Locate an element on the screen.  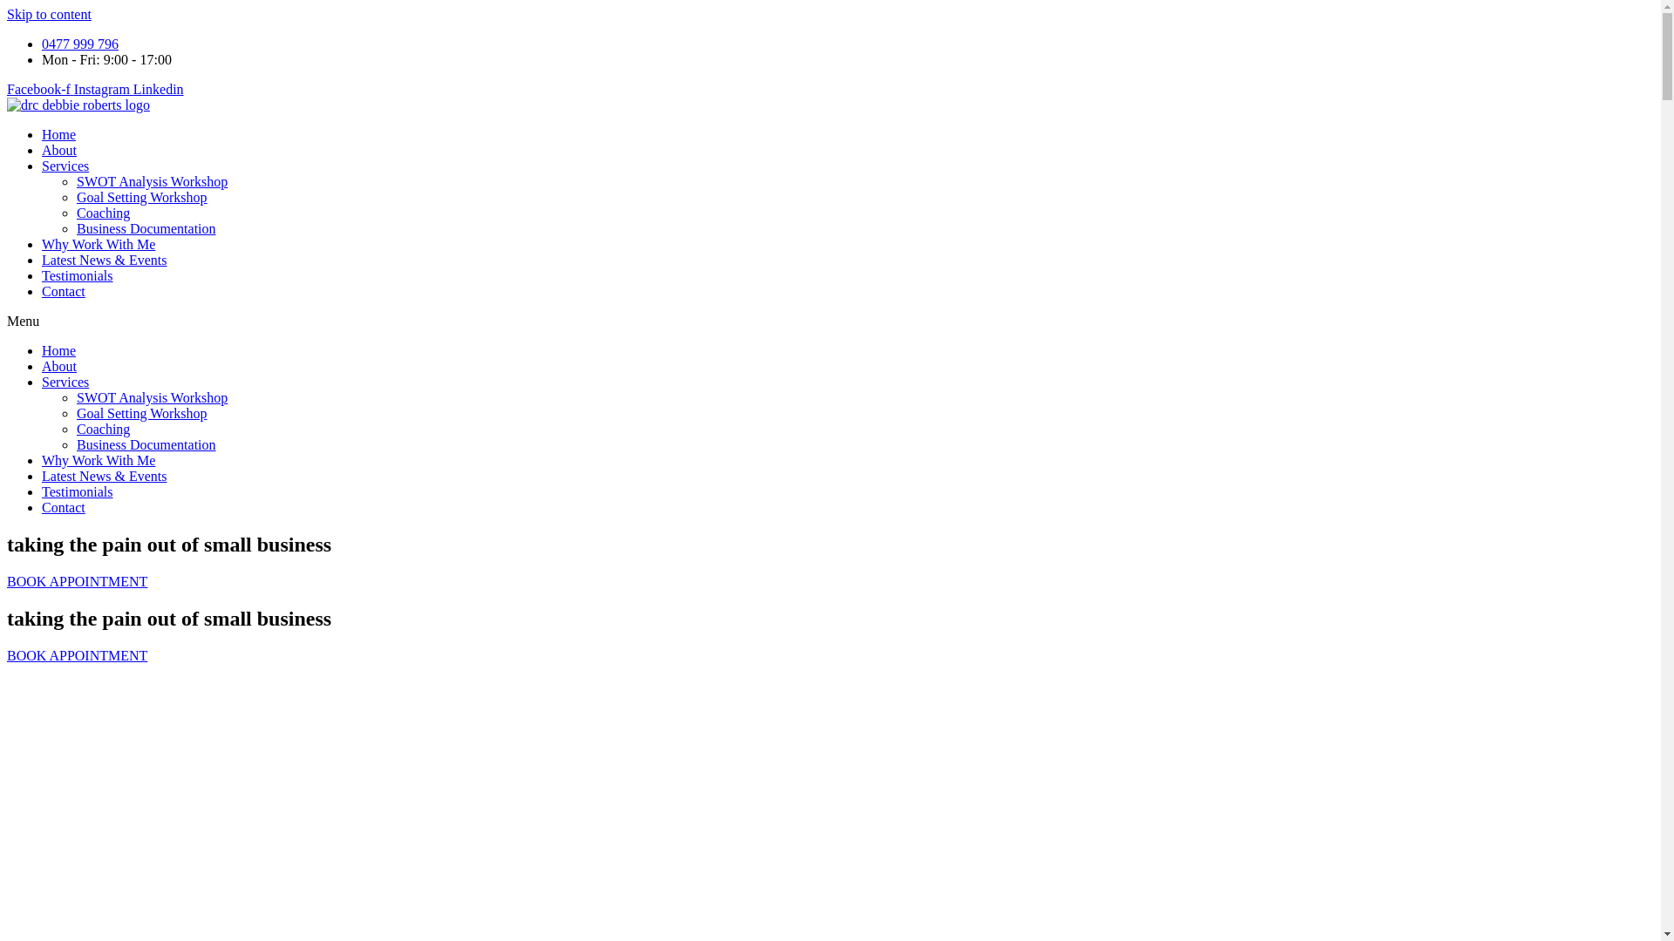
'Services' is located at coordinates (65, 381).